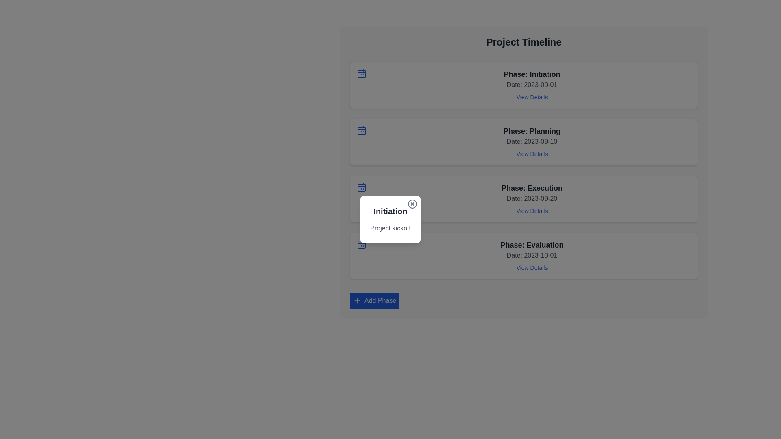 The height and width of the screenshot is (439, 781). Describe the element at coordinates (361, 74) in the screenshot. I see `the calendar icon segment located in the top-left area of the 'Phase: Initiation' entry in the project timeline interface` at that location.